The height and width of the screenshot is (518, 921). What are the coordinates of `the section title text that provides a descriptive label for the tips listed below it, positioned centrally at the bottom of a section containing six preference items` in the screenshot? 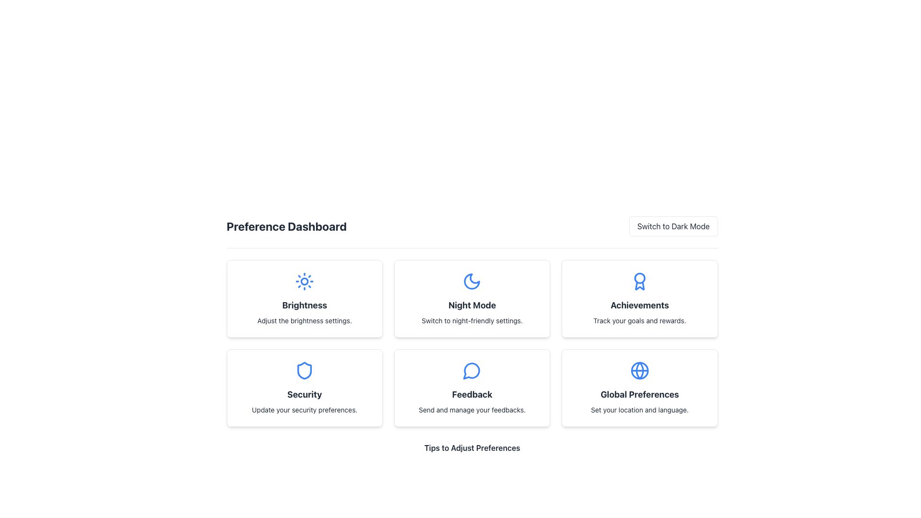 It's located at (472, 447).